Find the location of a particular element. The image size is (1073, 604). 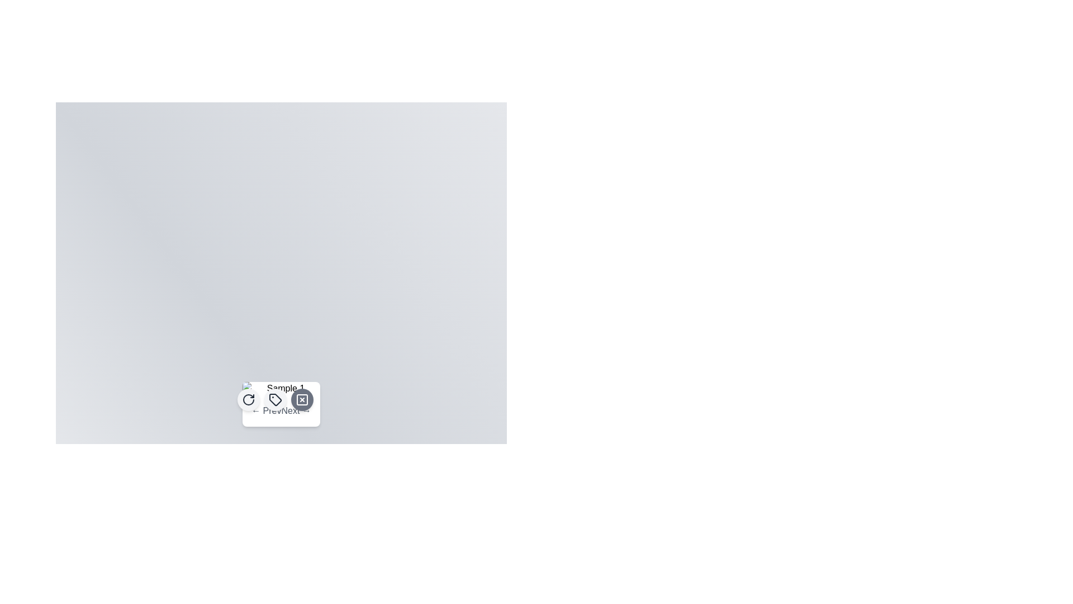

the circular button with a light gray background and a clockwise rotation arrow icon, located at the top-right section of the submenu is located at coordinates (248, 399).